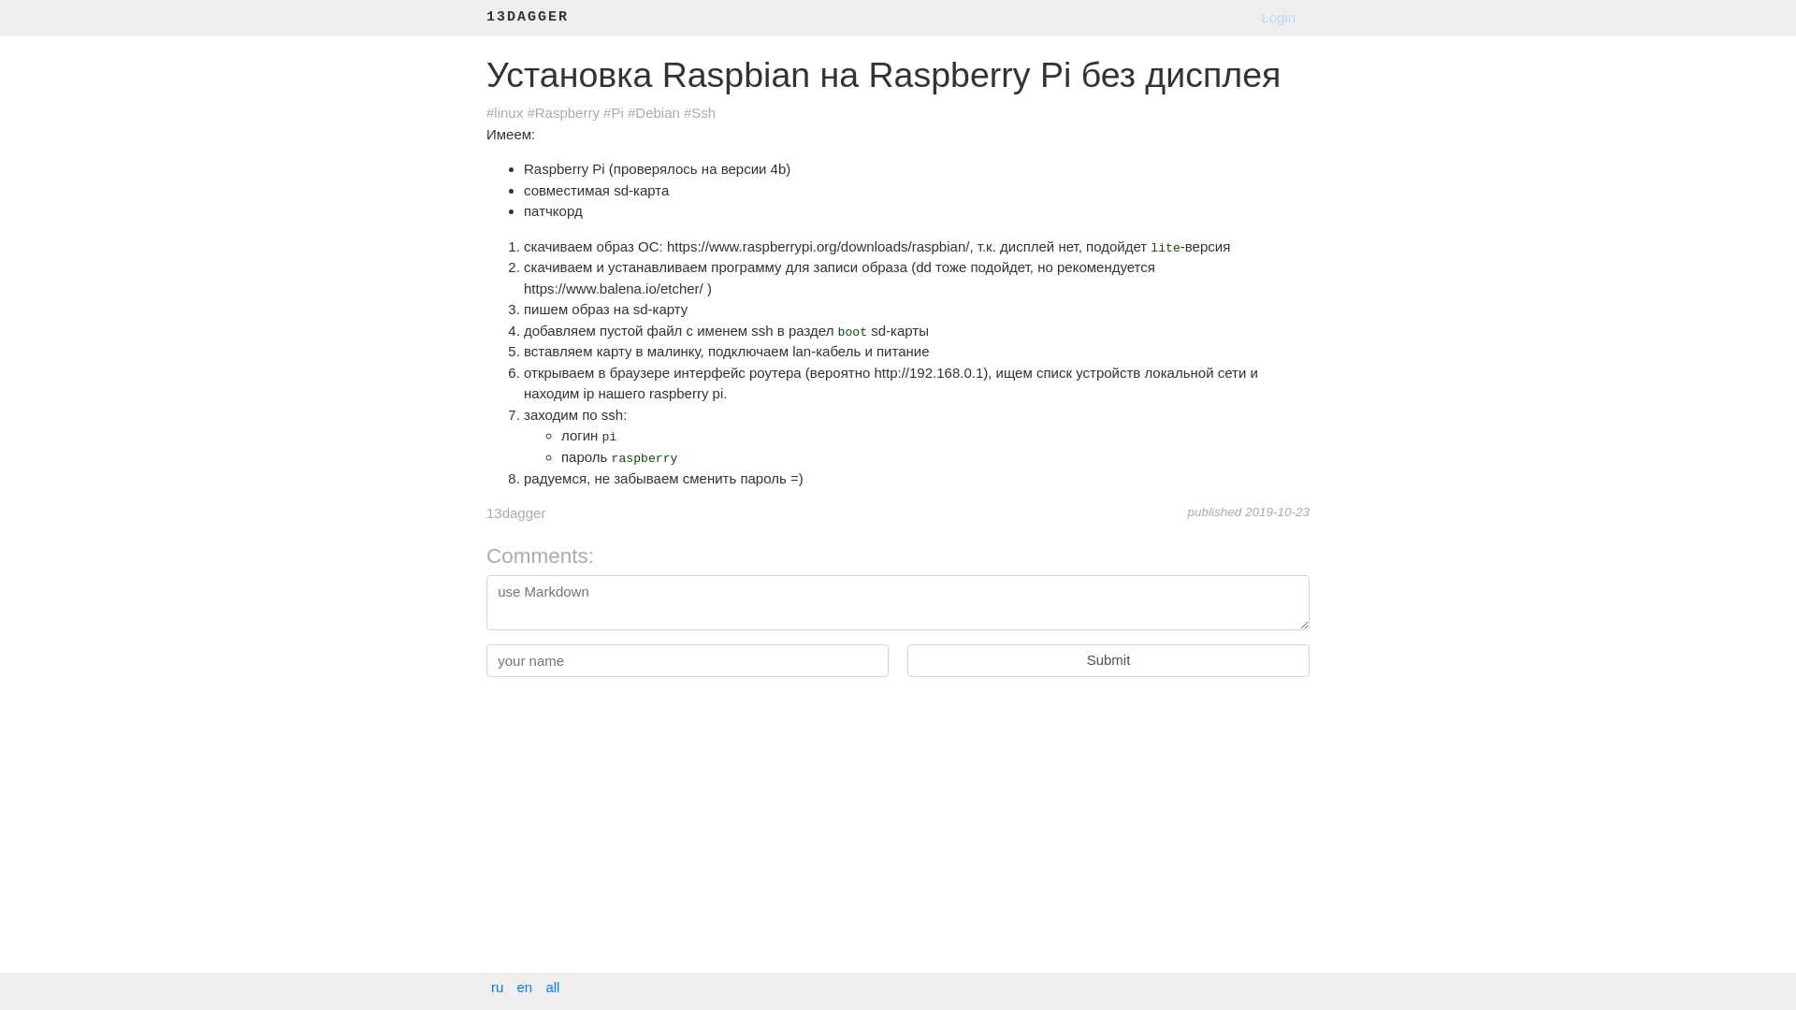 The height and width of the screenshot is (1010, 1796). I want to click on '13DAGGER', so click(526, 18).